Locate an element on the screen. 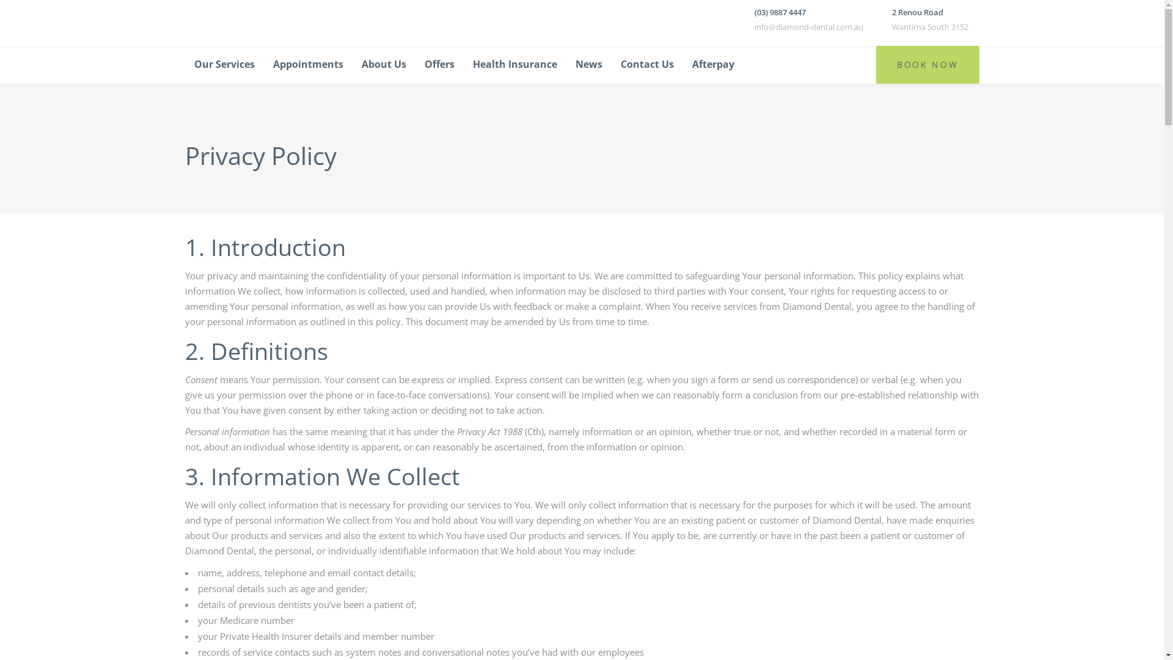 The width and height of the screenshot is (1173, 660). 'info@diamond-dental.com.au' is located at coordinates (753, 26).